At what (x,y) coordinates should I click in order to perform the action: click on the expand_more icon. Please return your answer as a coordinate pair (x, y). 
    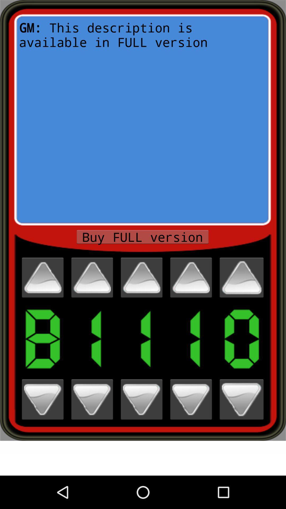
    Looking at the image, I should click on (191, 427).